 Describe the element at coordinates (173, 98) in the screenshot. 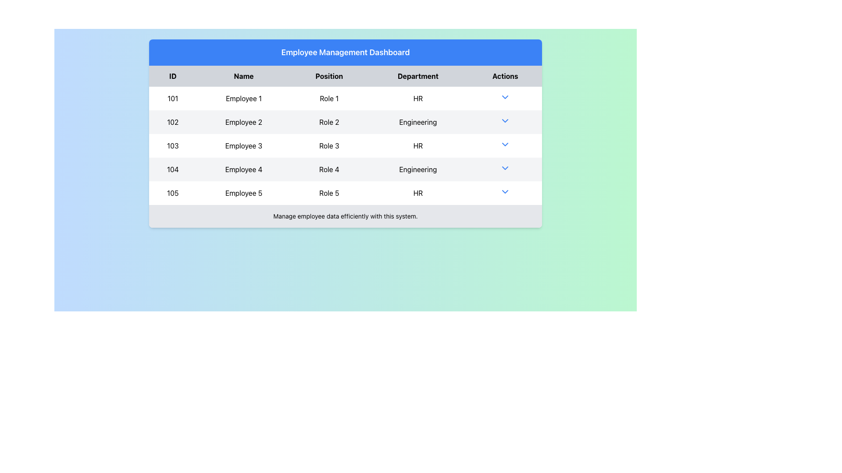

I see `the table cell displaying the text '101', which is located in the first row under the 'ID' column with a gray heading background` at that location.